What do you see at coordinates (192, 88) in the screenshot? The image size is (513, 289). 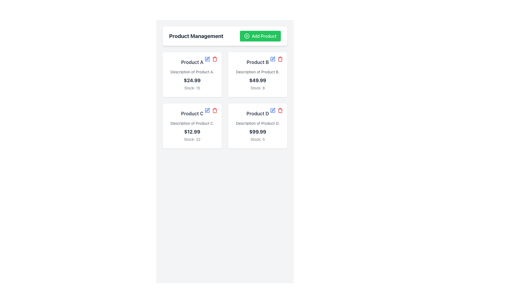 I see `the static text label displaying the stock quantity (15) of 'Product A', which is located just below the price detail ($24.99) in the top-left quadrant of the layout` at bounding box center [192, 88].